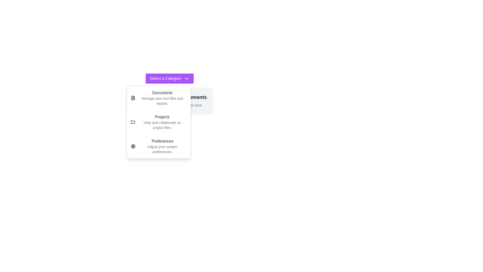 This screenshot has height=272, width=483. Describe the element at coordinates (158, 122) in the screenshot. I see `the 'Projects' option in the menu` at that location.